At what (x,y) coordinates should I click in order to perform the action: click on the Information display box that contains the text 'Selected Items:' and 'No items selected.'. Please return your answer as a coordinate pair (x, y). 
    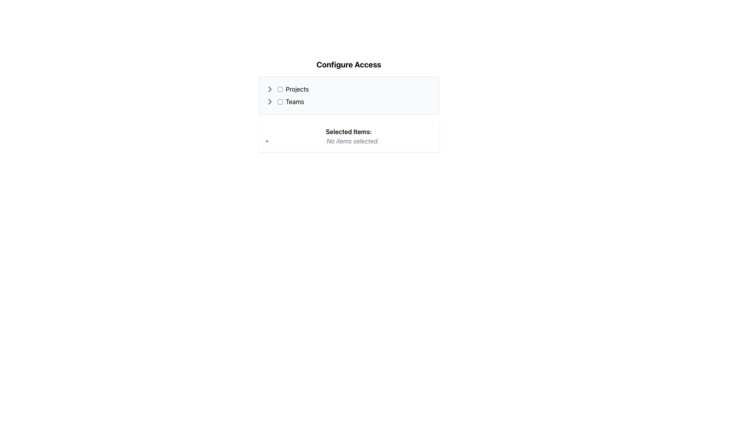
    Looking at the image, I should click on (348, 136).